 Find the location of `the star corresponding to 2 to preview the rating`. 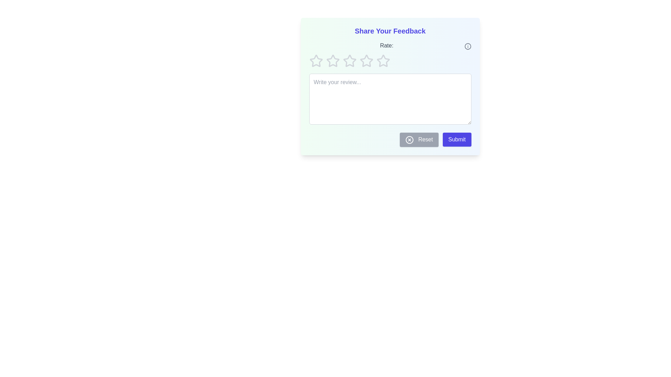

the star corresponding to 2 to preview the rating is located at coordinates (332, 60).